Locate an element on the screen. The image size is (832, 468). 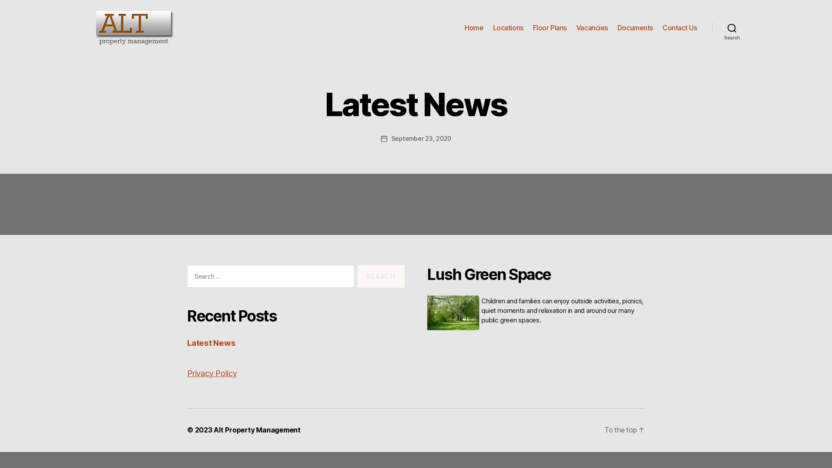
'Latest News' is located at coordinates (187, 342).